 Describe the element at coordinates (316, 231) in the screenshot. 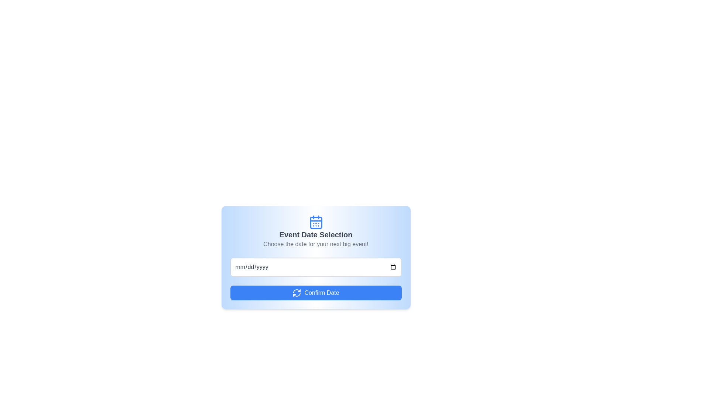

I see `the Informational panel titled 'Event Date Selection' that contains a blue calendar icon and encourages users to choose a date for their next big event` at that location.